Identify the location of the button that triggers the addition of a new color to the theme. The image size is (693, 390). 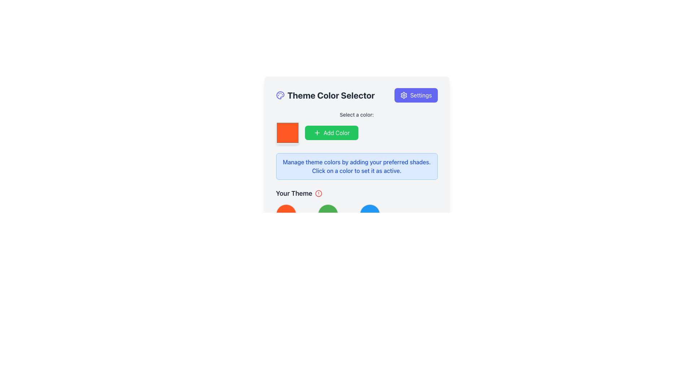
(331, 133).